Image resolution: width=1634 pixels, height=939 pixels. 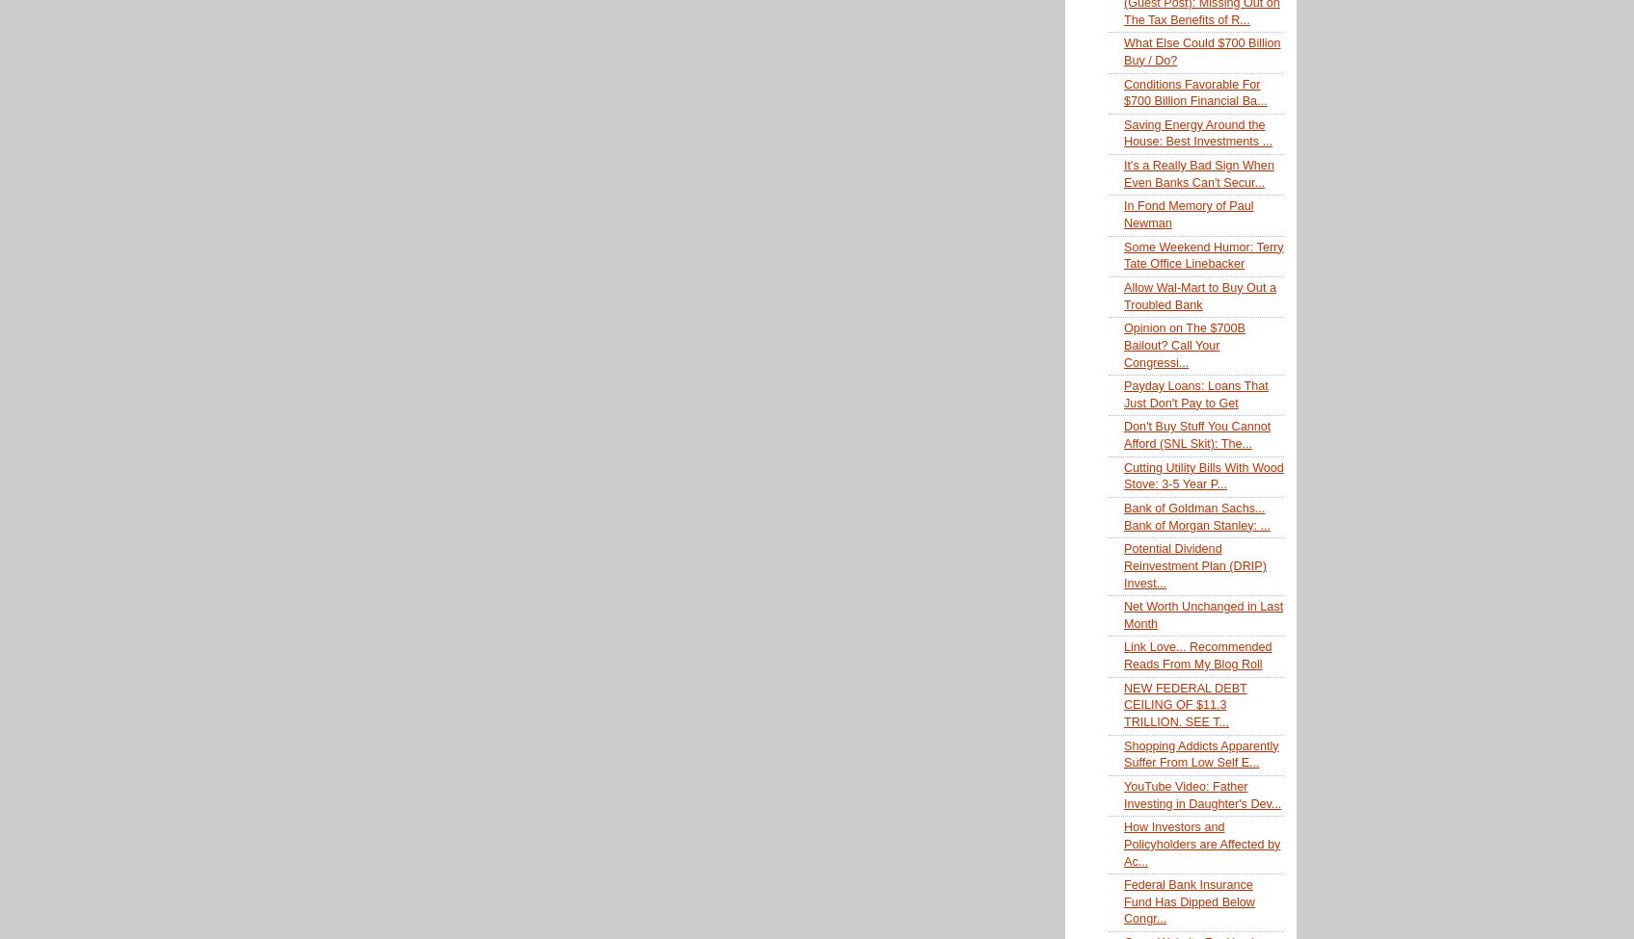 I want to click on 'How Investors and Policyholders are Affected by Ac...', so click(x=1122, y=844).